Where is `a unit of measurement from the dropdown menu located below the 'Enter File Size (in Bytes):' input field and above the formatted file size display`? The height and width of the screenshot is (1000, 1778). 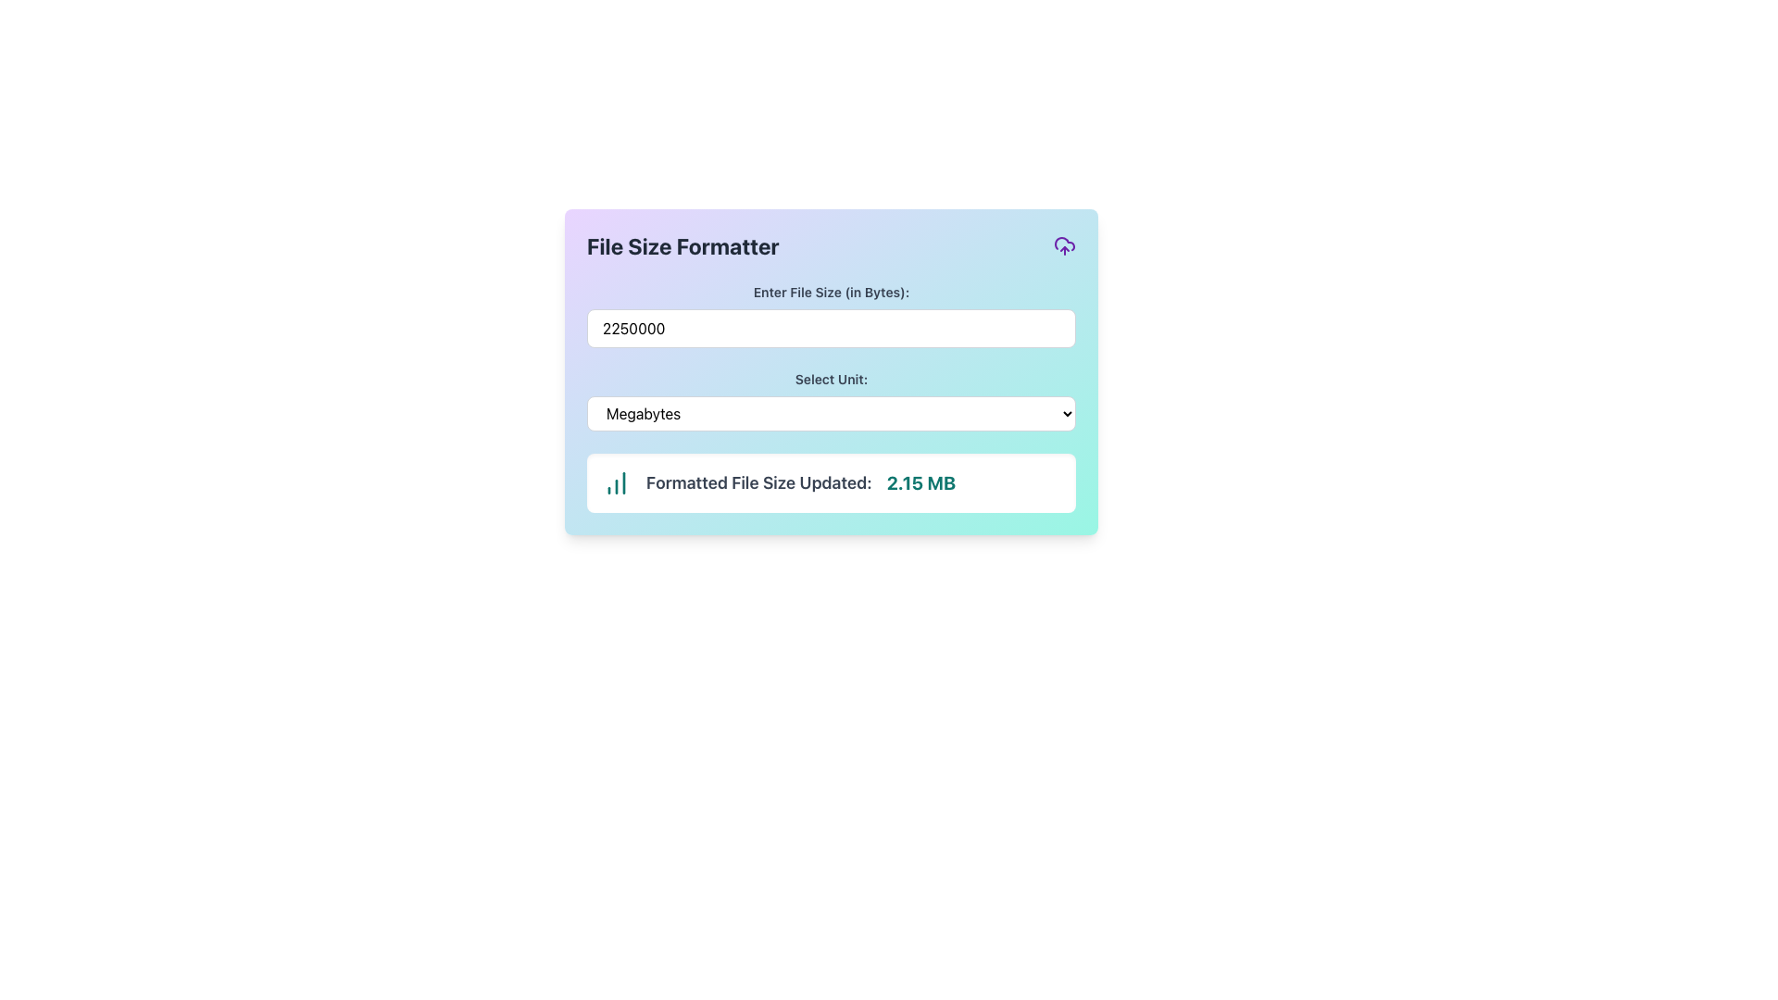 a unit of measurement from the dropdown menu located below the 'Enter File Size (in Bytes):' input field and above the formatted file size display is located at coordinates (830, 399).